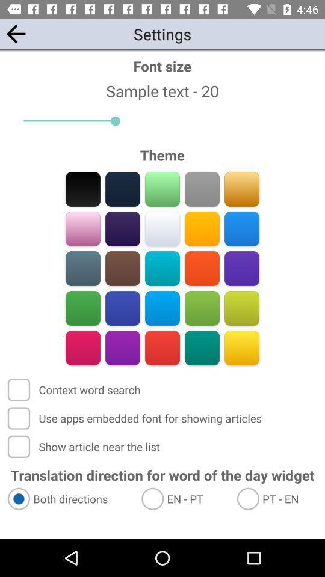  I want to click on color, so click(202, 308).